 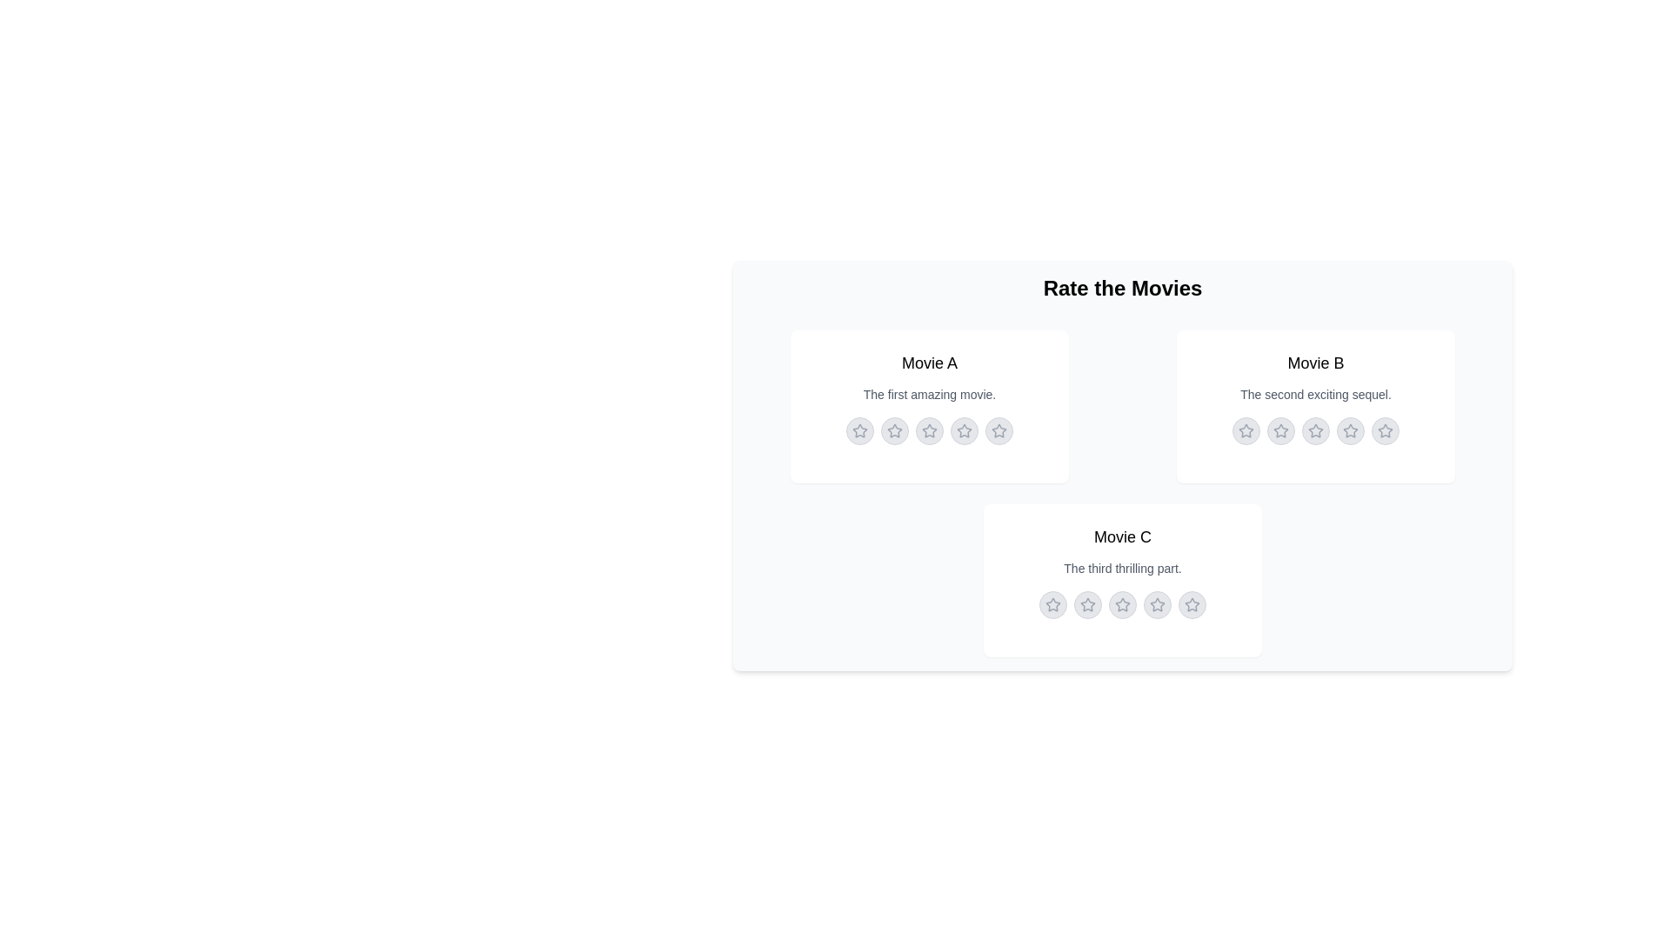 What do you see at coordinates (1085, 603) in the screenshot?
I see `the second star icon from the left in the horizontal row of five stars in the rating section of 'Movie C'` at bounding box center [1085, 603].